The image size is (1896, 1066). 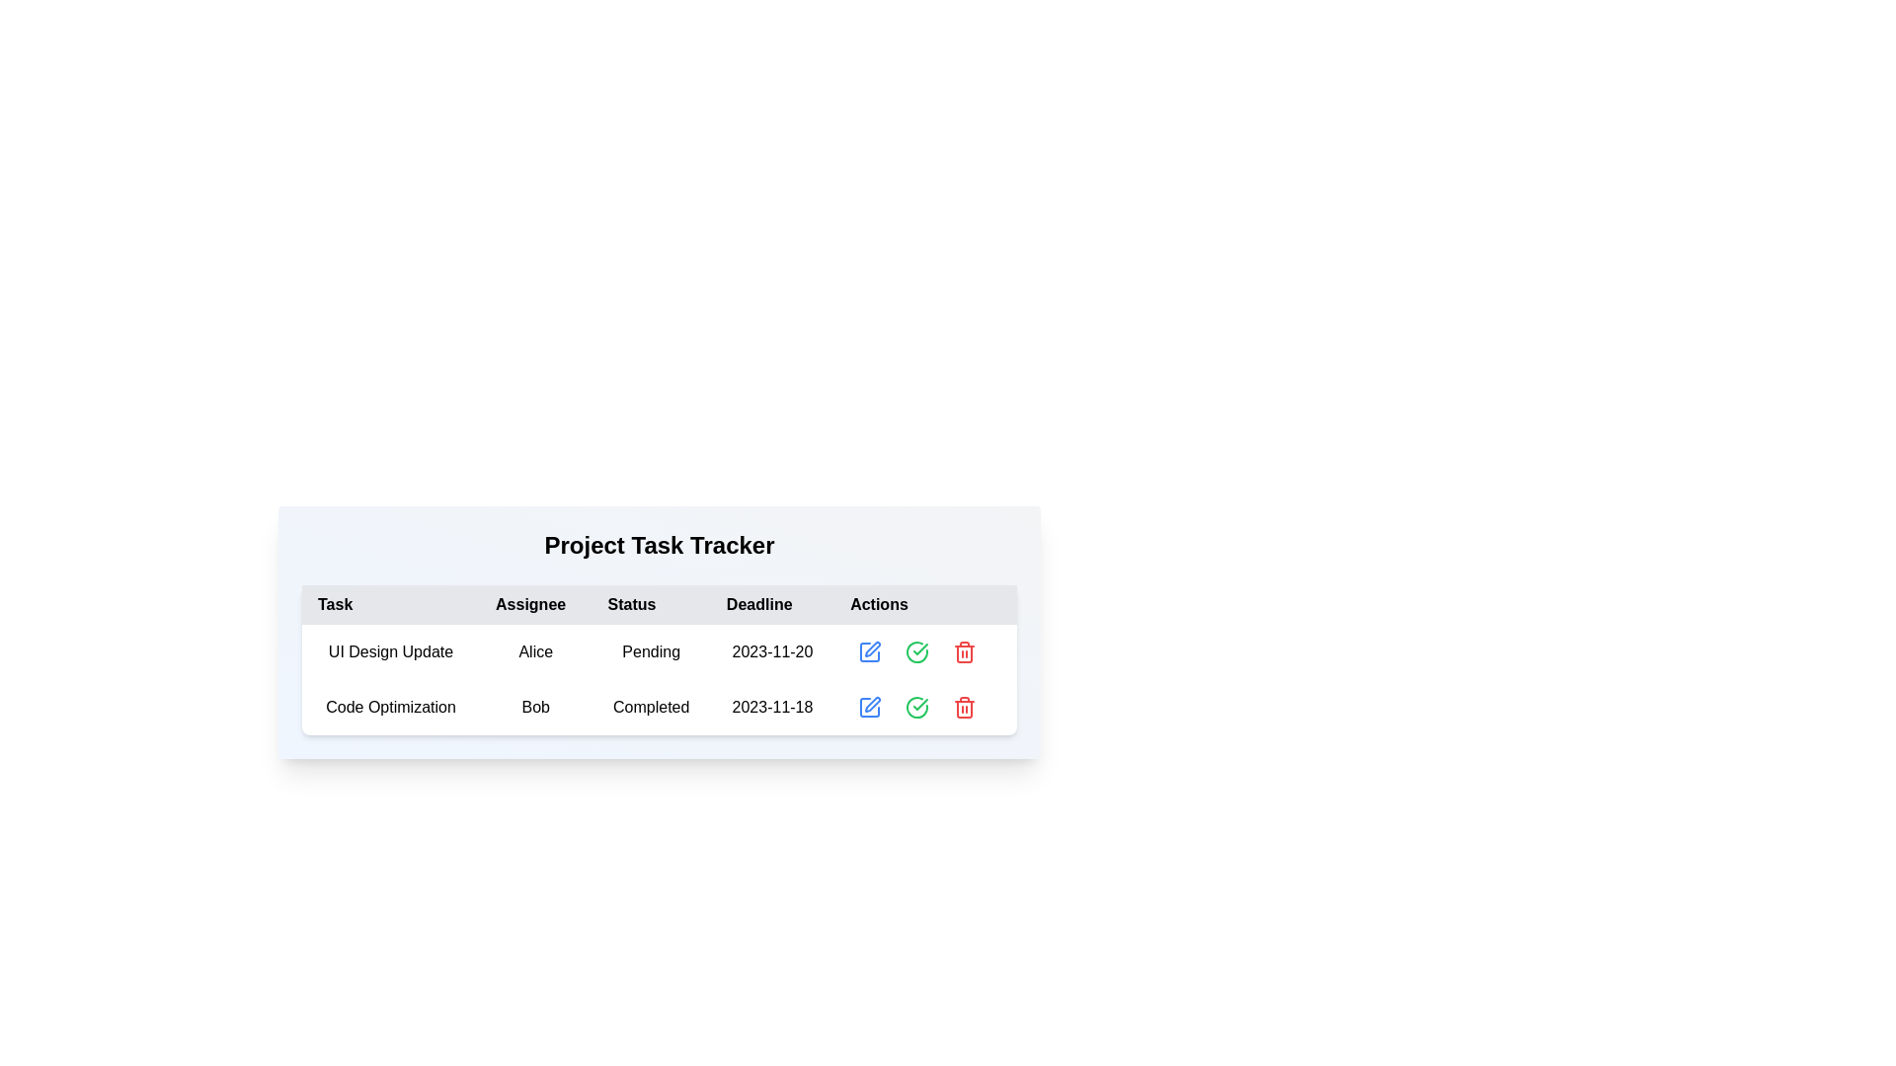 What do you see at coordinates (535, 651) in the screenshot?
I see `the Text label in the 'Assignee' column of the first row, which identifies the person assigned to the 'UI Design Update' task` at bounding box center [535, 651].